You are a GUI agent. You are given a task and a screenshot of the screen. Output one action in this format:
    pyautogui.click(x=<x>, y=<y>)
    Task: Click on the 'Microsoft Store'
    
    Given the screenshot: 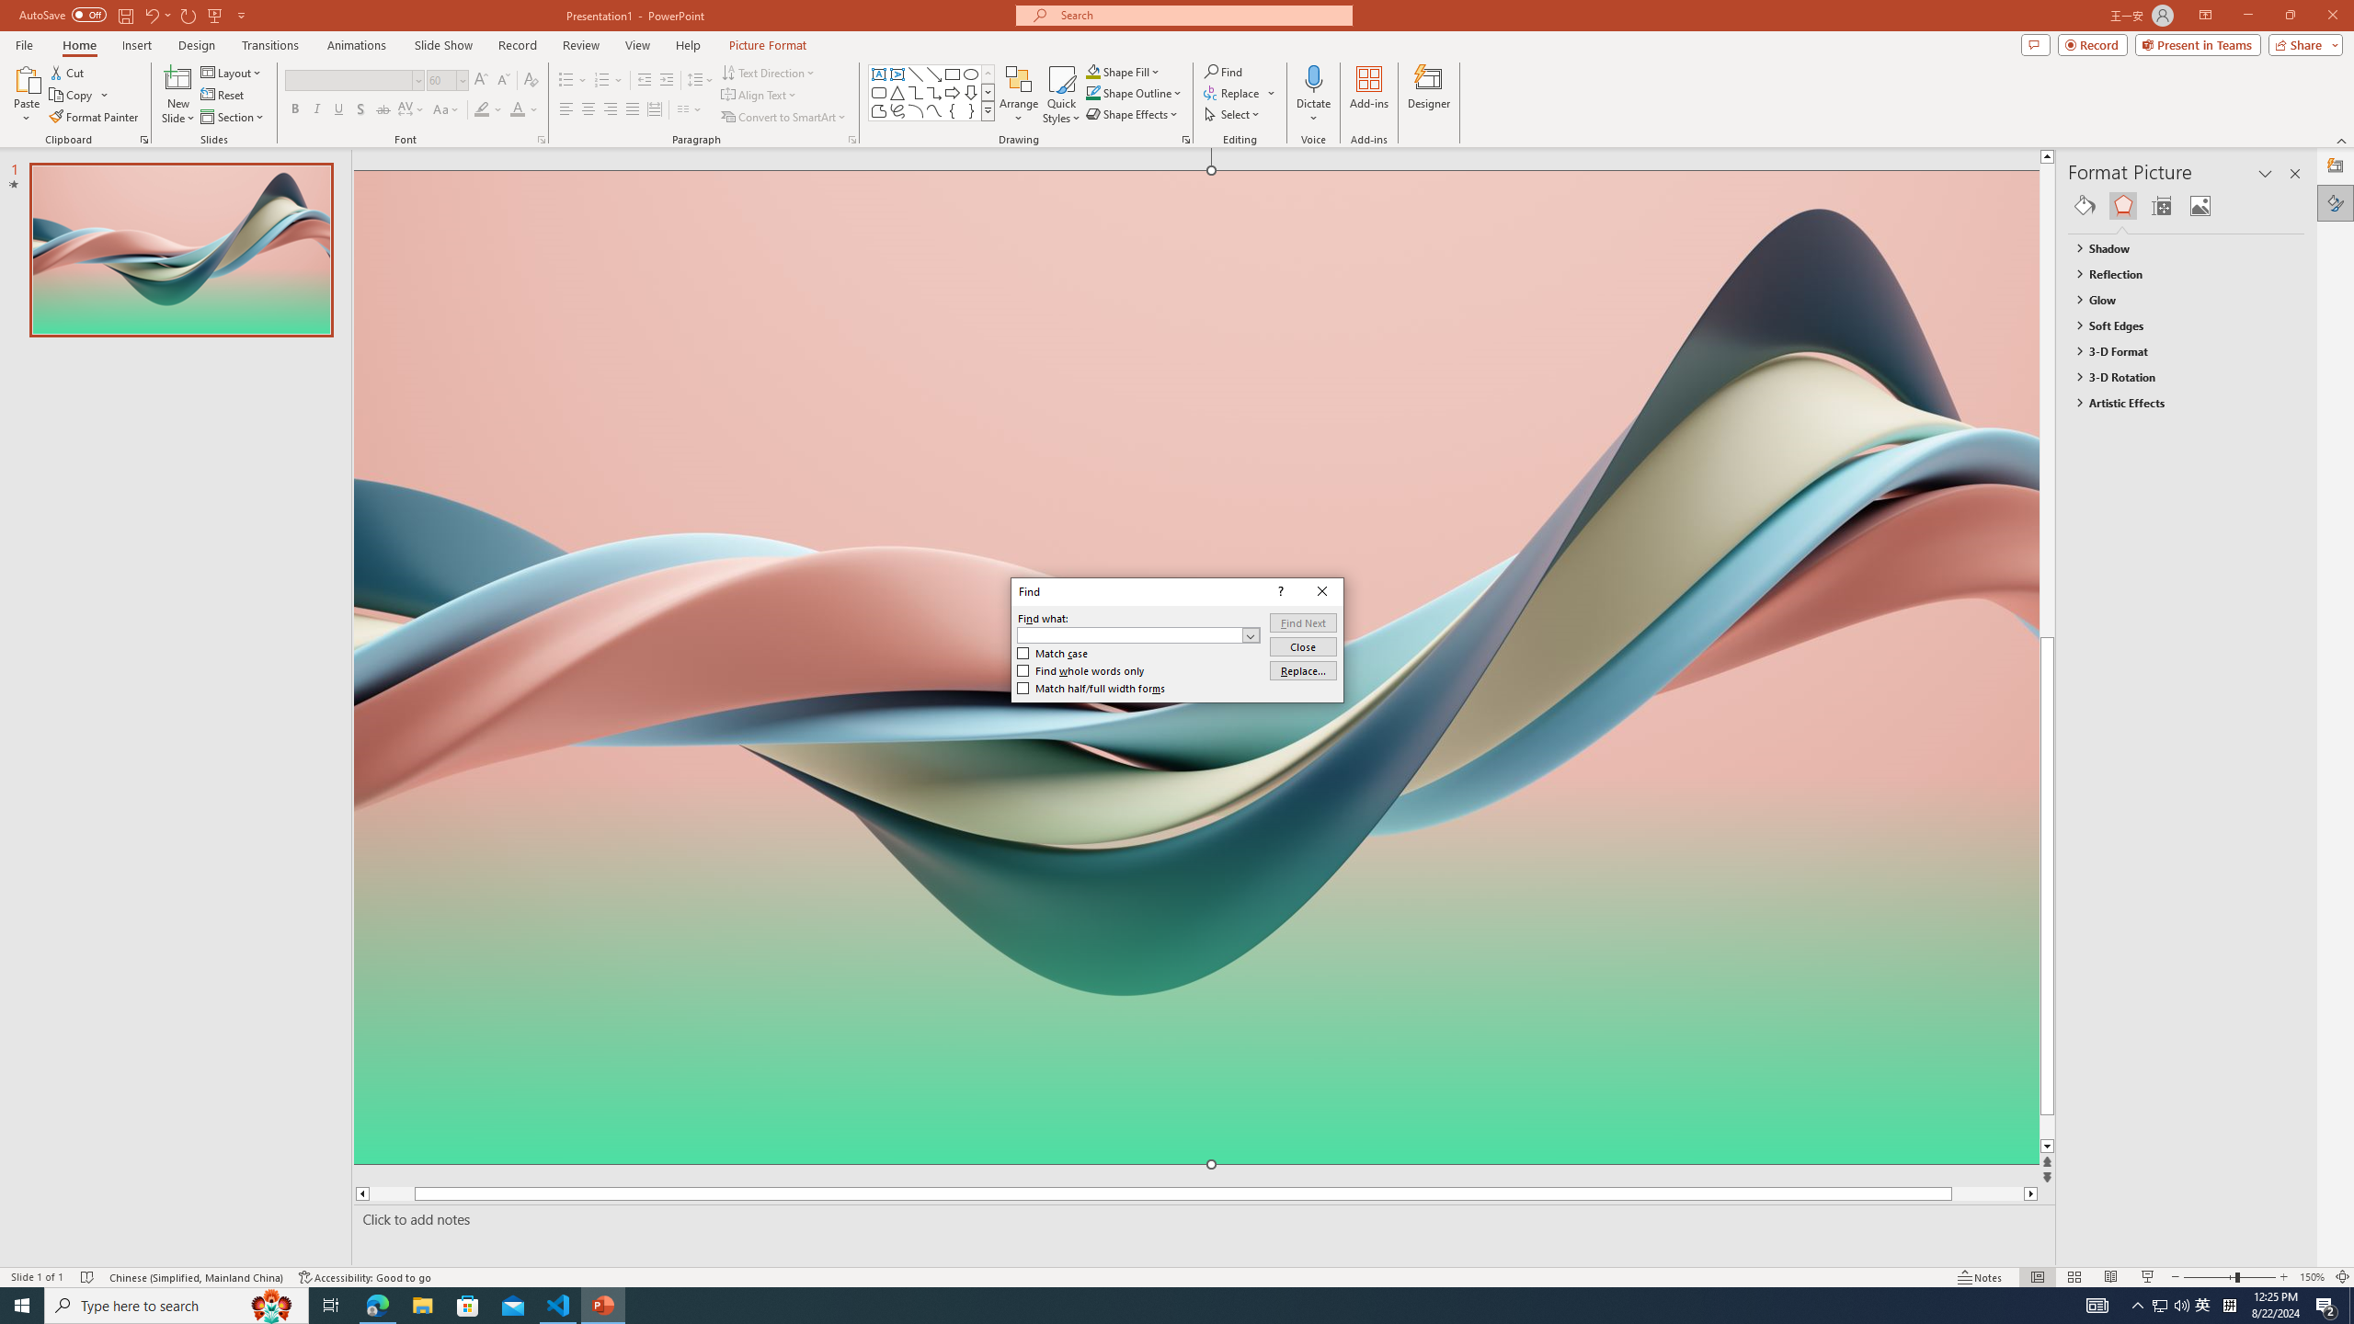 What is the action you would take?
    pyautogui.click(x=468, y=1304)
    